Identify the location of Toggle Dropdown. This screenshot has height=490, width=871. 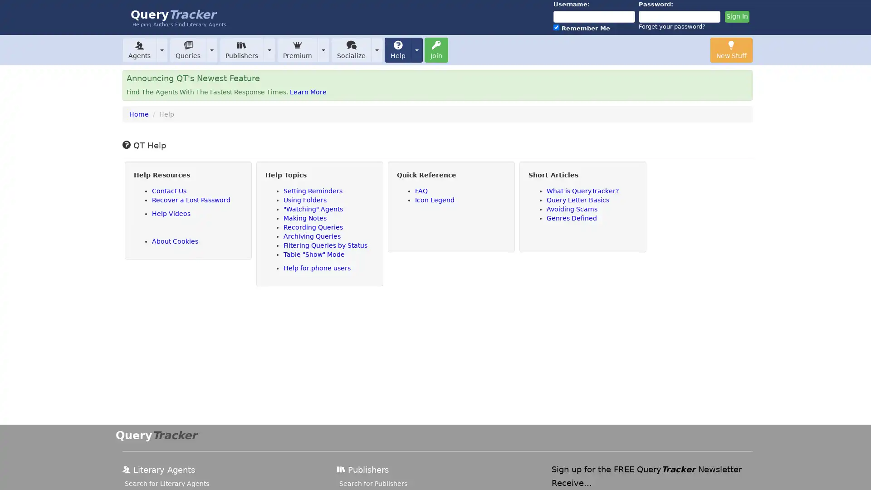
(416, 49).